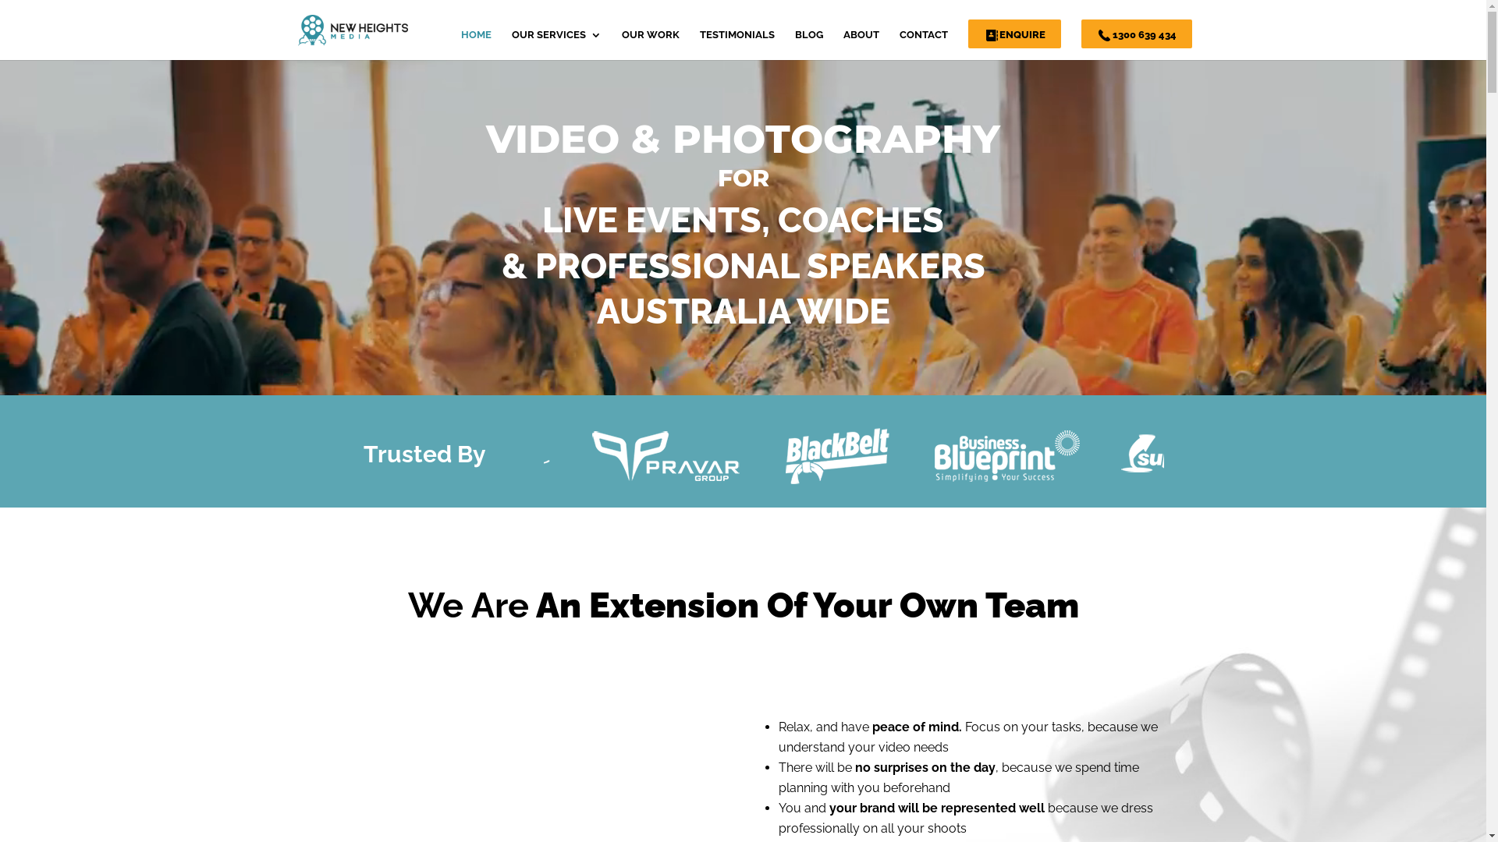  I want to click on 'BLOG', so click(808, 44).